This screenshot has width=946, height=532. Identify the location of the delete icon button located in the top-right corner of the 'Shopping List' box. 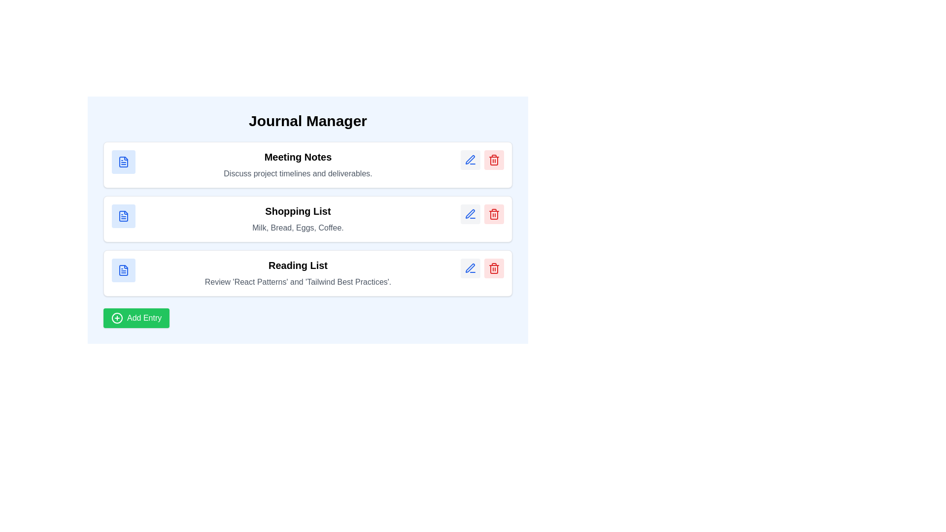
(494, 159).